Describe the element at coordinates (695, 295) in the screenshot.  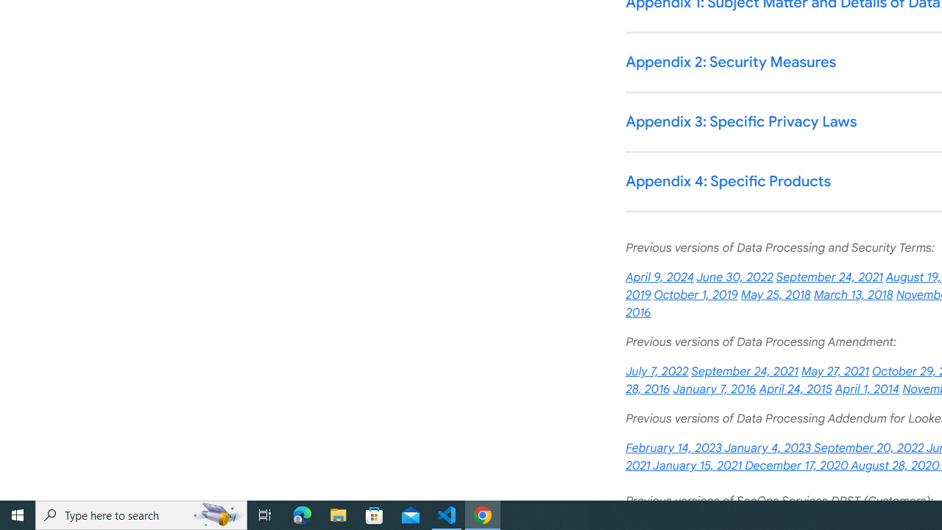
I see `'October 1, 2019'` at that location.